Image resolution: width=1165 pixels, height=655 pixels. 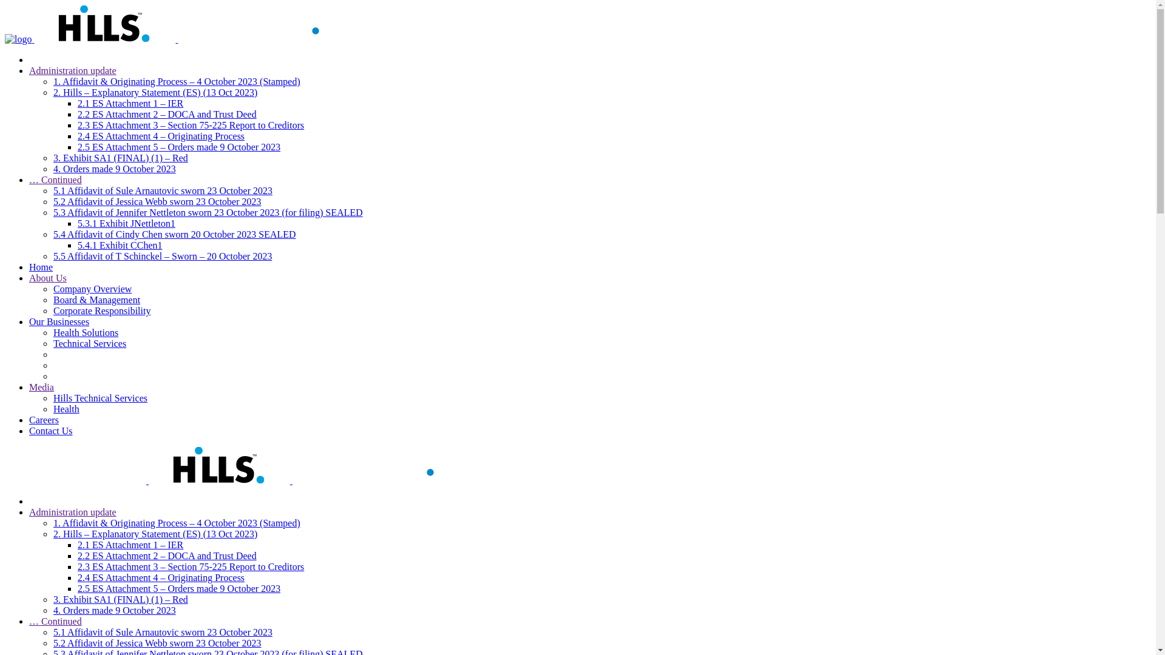 What do you see at coordinates (96, 300) in the screenshot?
I see `'Board & Management'` at bounding box center [96, 300].